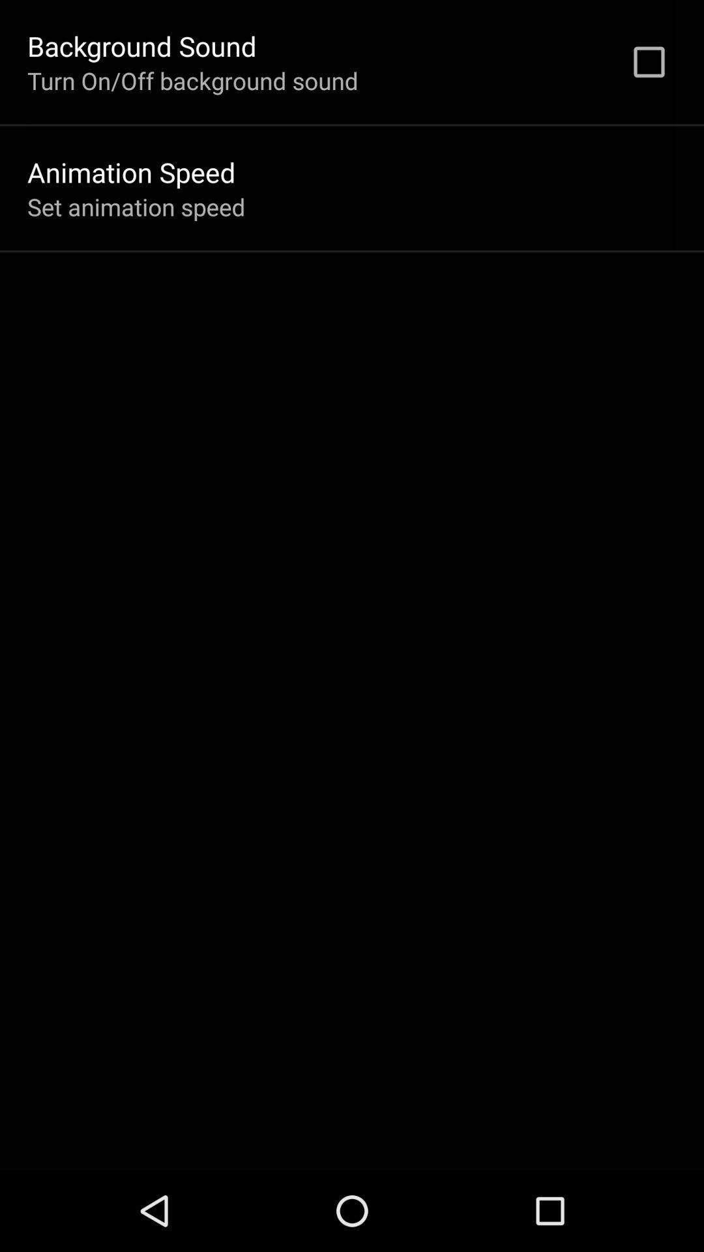  Describe the element at coordinates (192, 80) in the screenshot. I see `icon below the background sound app` at that location.